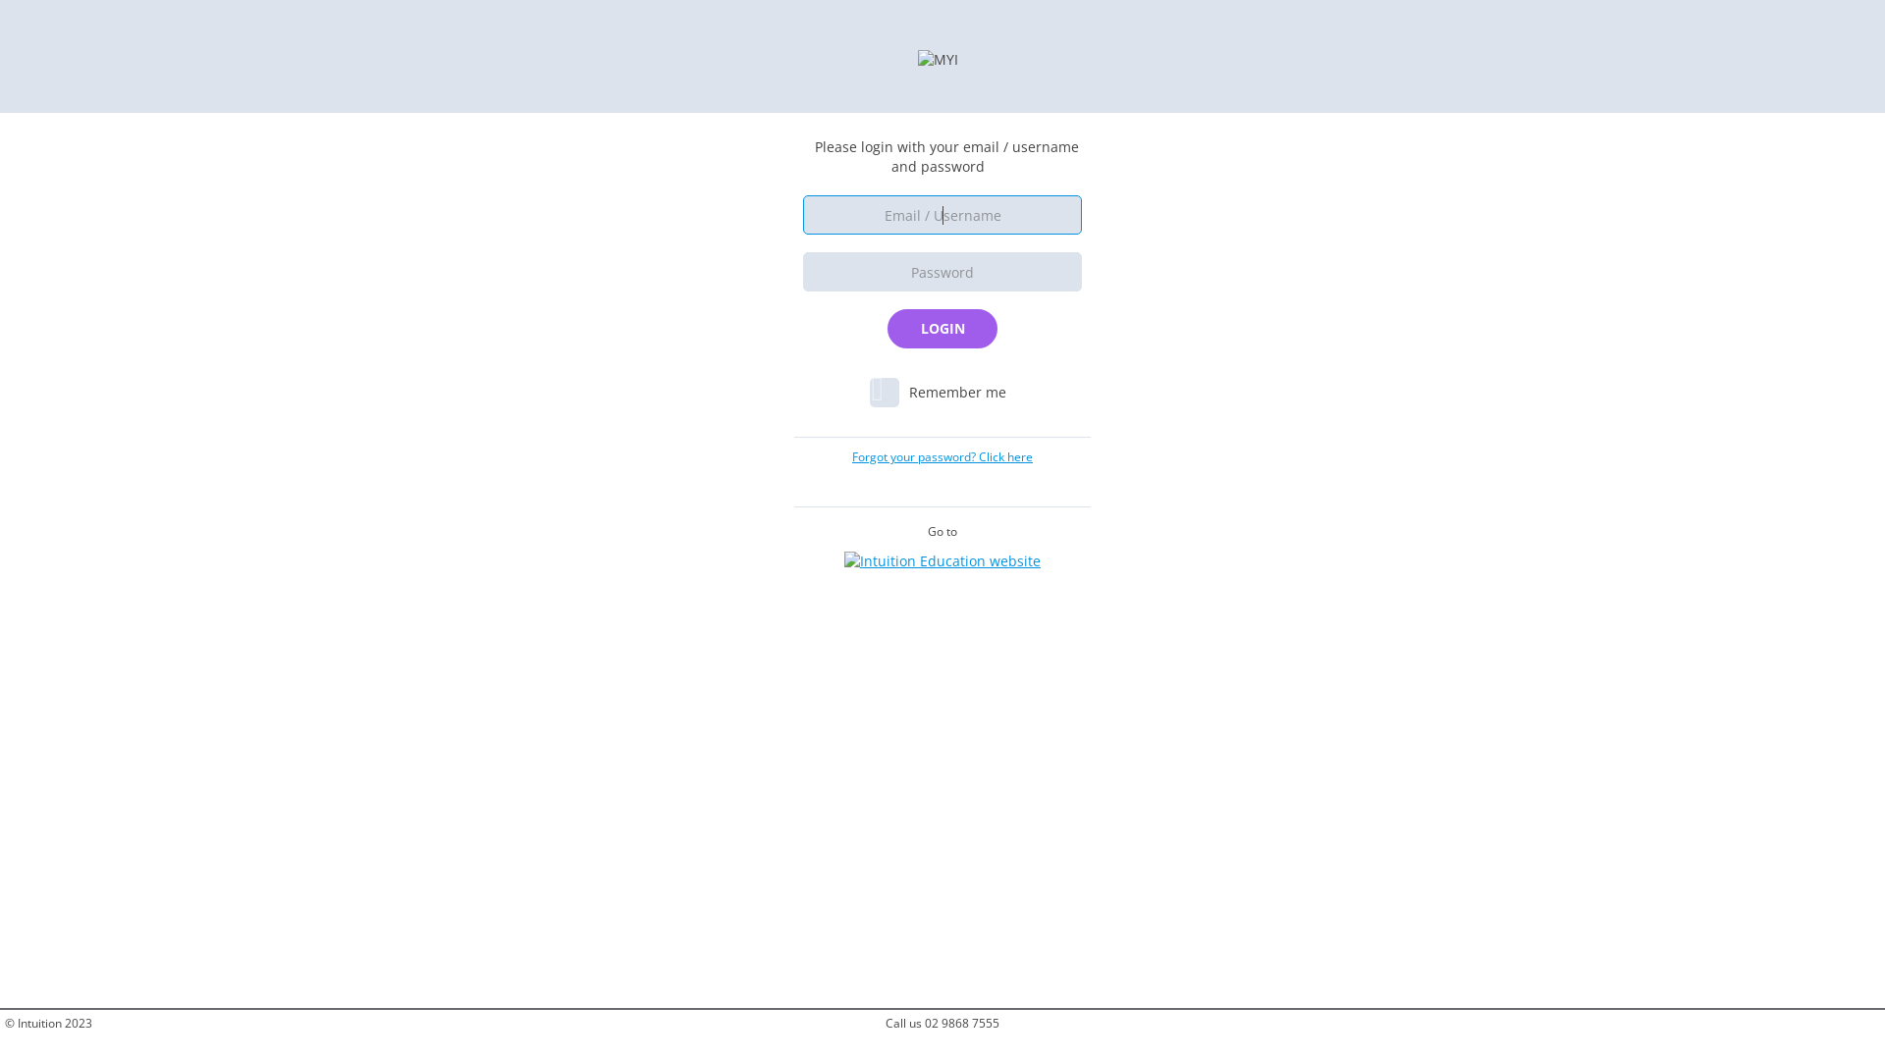 This screenshot has height=1060, width=1885. What do you see at coordinates (942, 328) in the screenshot?
I see `'LOGIN'` at bounding box center [942, 328].